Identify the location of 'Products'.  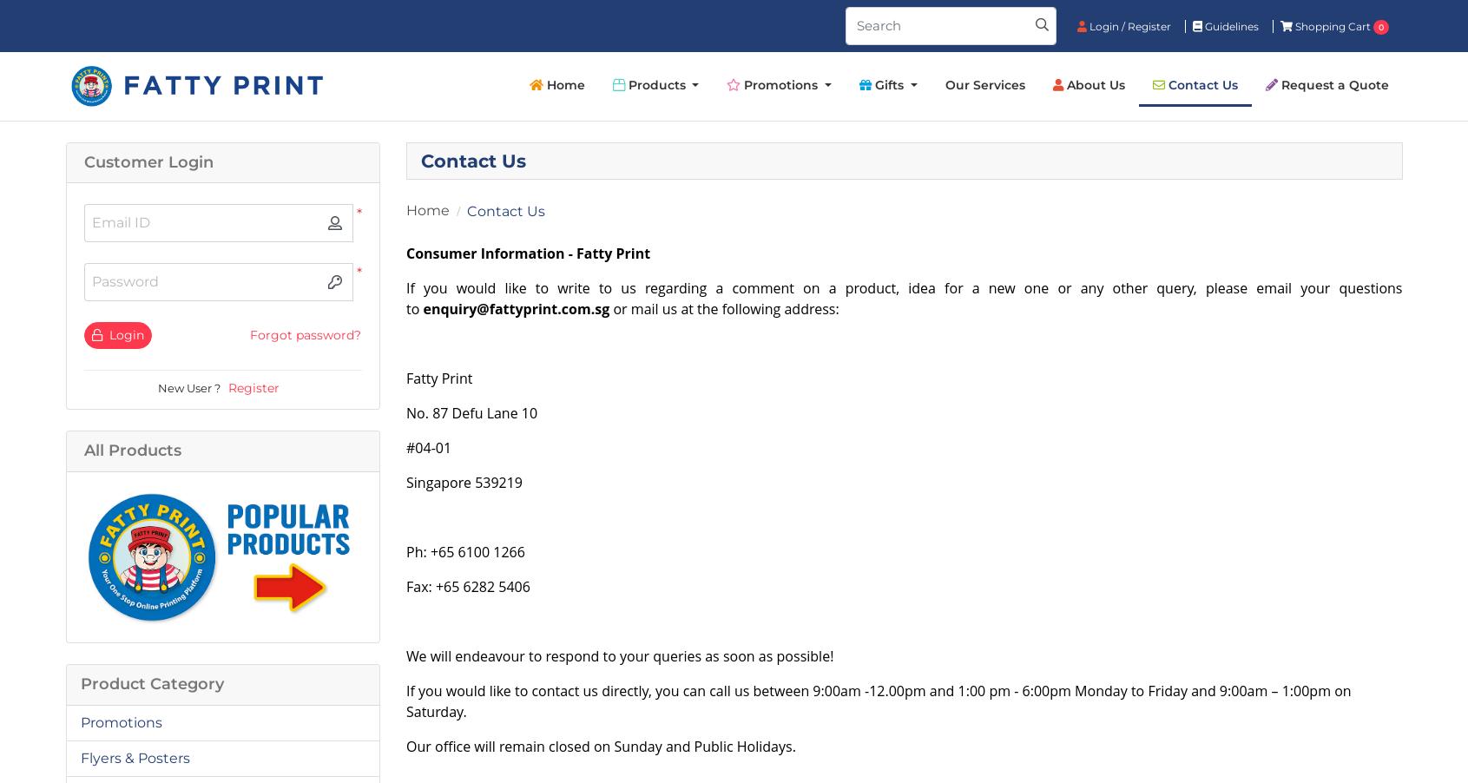
(656, 84).